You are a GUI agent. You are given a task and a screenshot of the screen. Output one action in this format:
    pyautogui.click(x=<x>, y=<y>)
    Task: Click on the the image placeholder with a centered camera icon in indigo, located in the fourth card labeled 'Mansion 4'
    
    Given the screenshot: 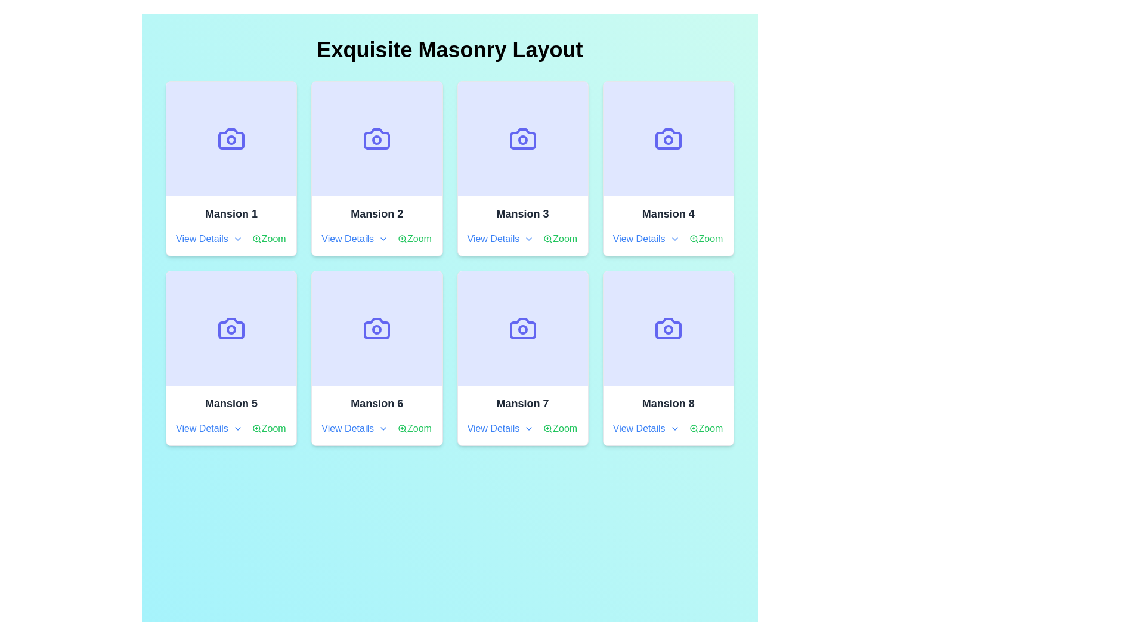 What is the action you would take?
    pyautogui.click(x=668, y=138)
    